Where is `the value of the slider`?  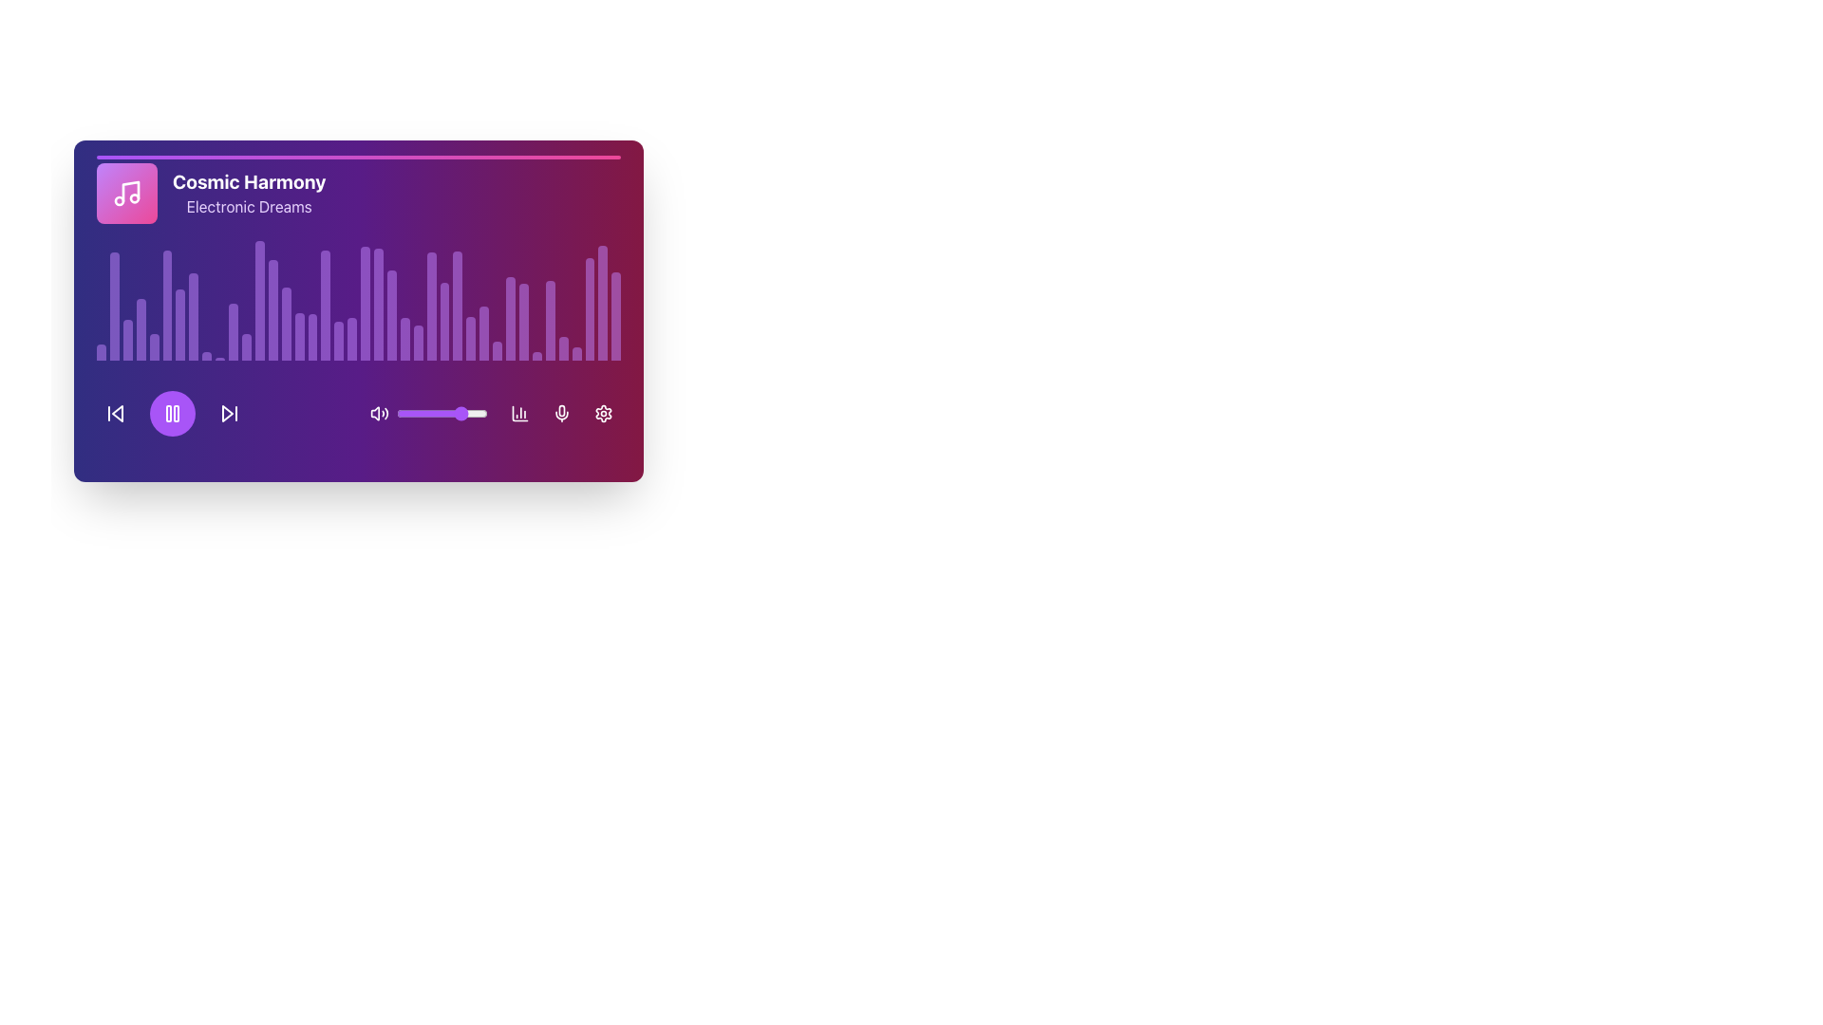
the value of the slider is located at coordinates (470, 412).